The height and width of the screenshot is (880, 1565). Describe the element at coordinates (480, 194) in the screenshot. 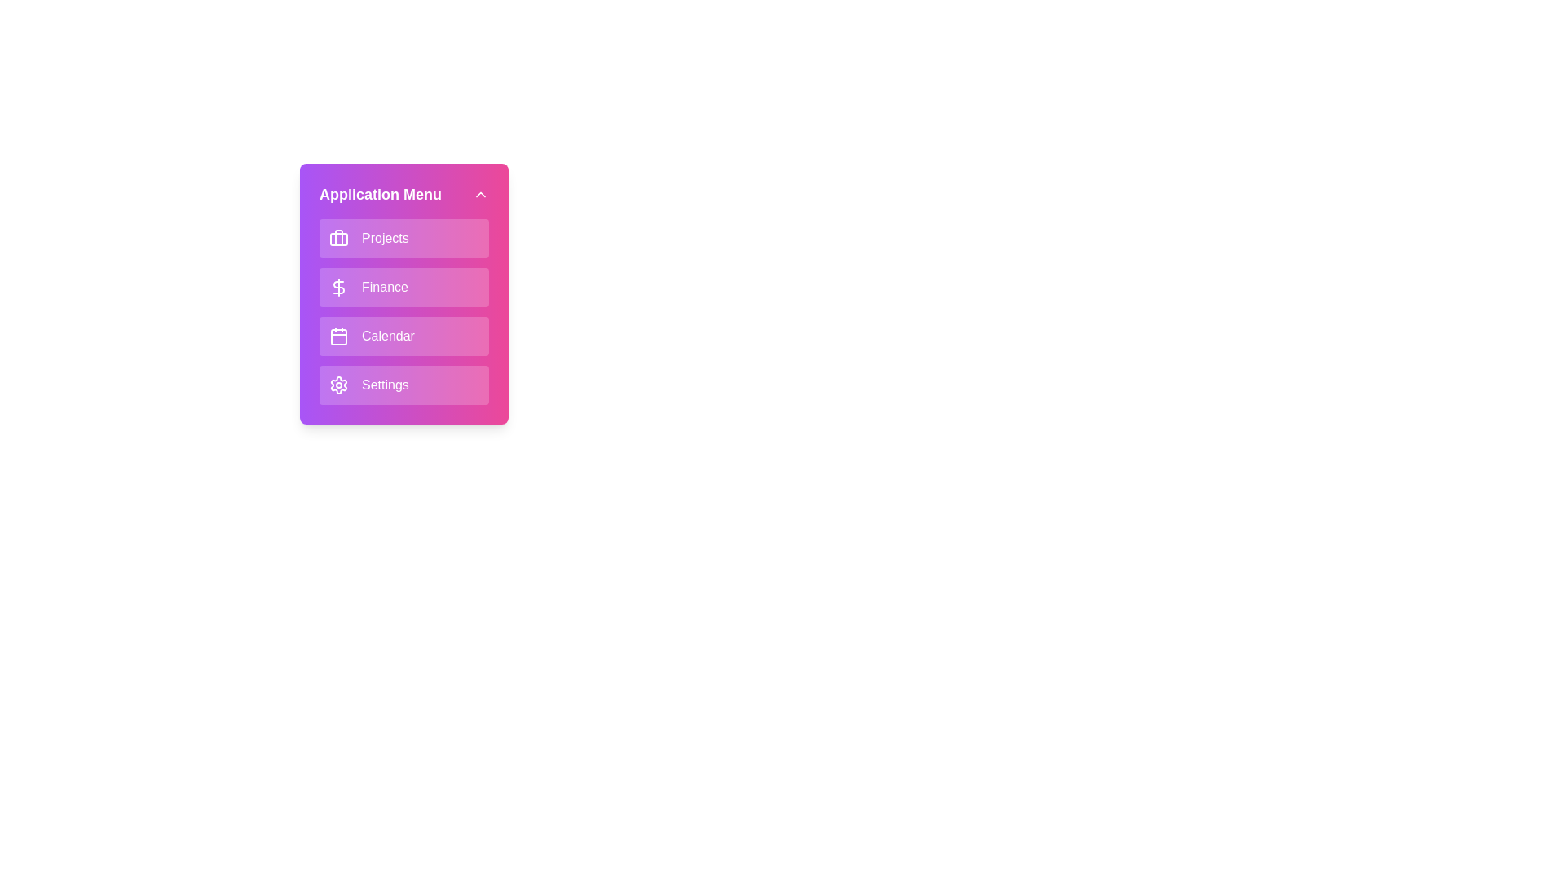

I see `top-right arrow icon to toggle the menu` at that location.